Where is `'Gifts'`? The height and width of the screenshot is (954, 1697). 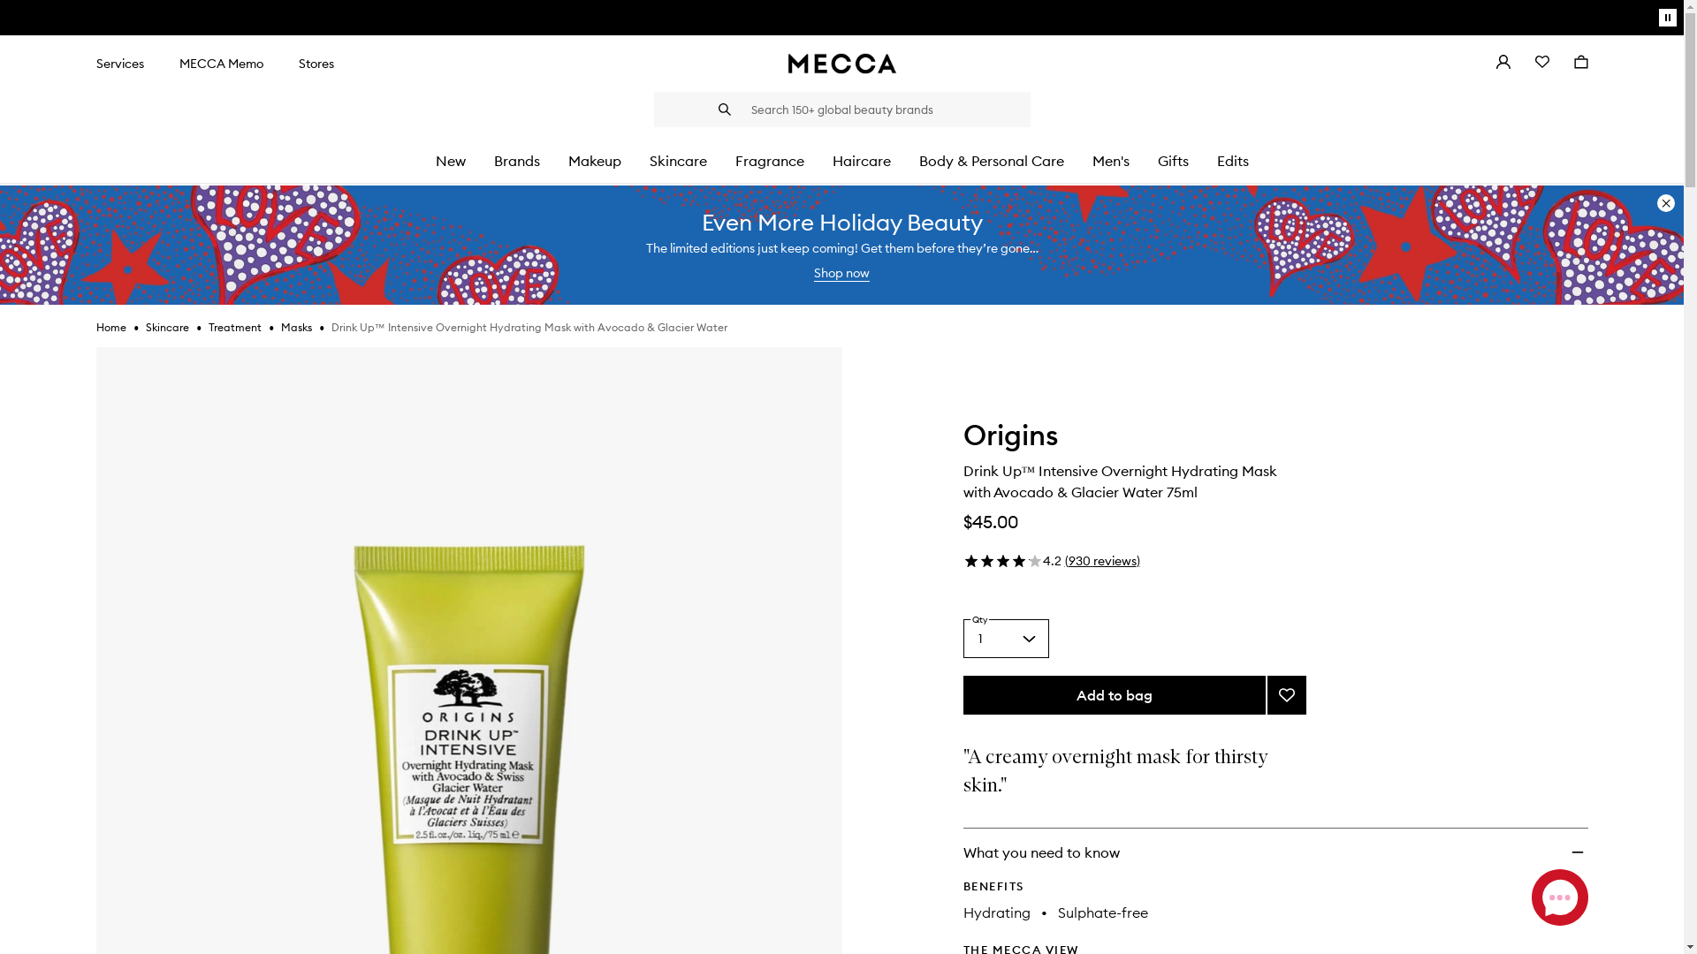
'Gifts' is located at coordinates (1173, 161).